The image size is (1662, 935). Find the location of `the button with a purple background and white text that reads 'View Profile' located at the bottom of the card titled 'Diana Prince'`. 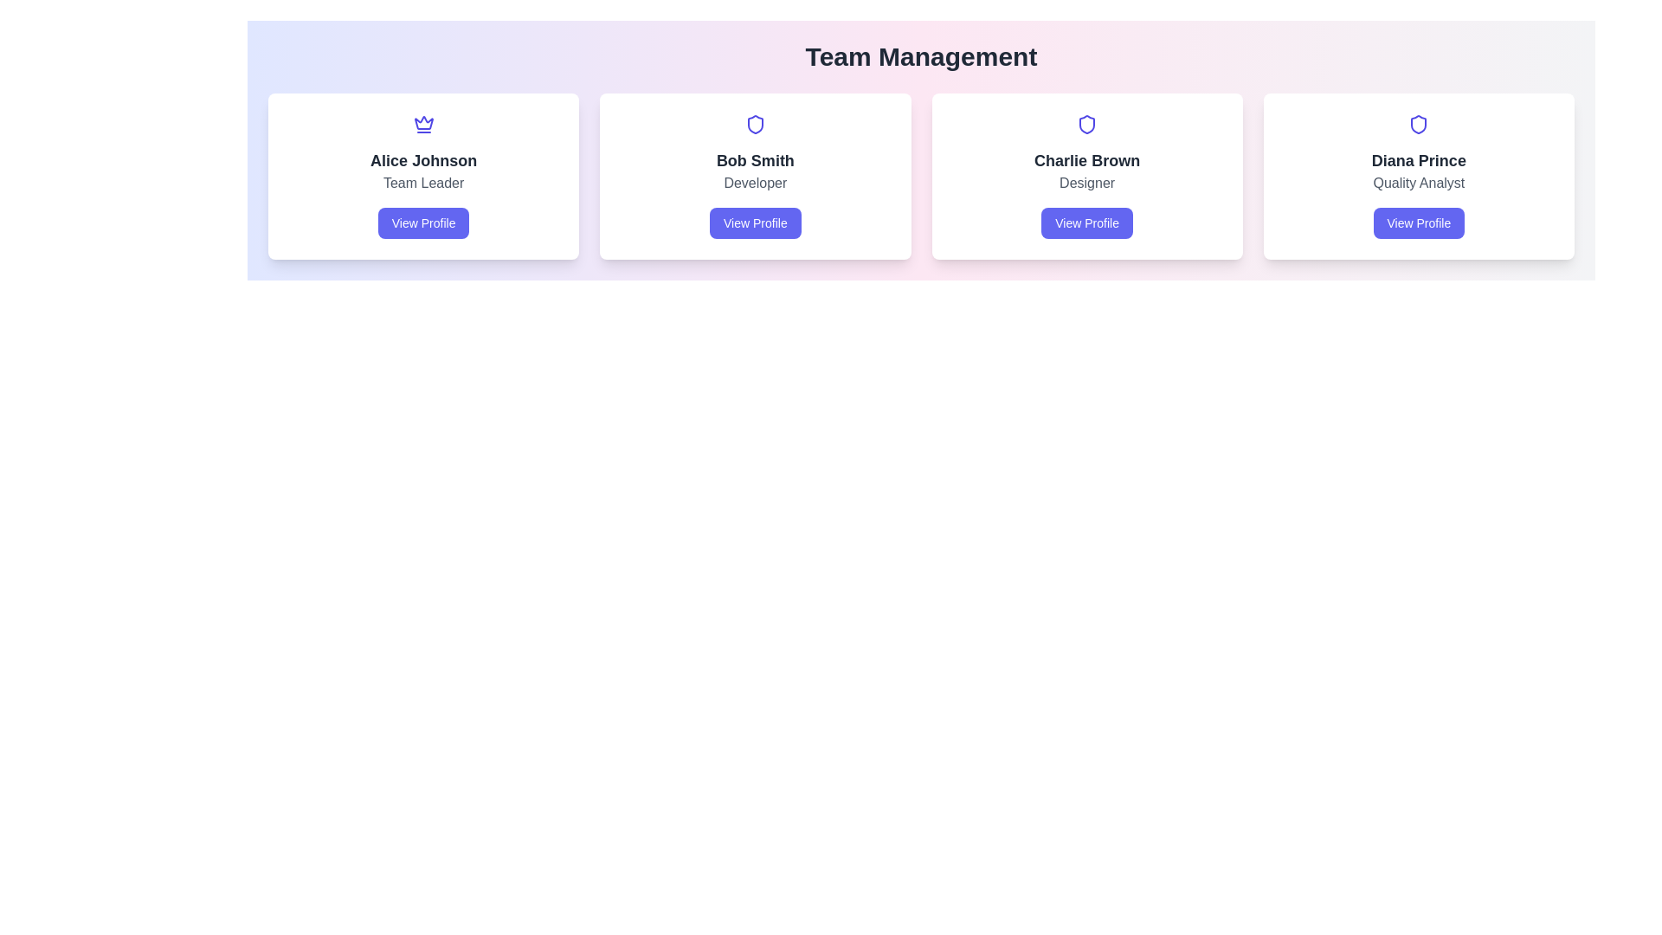

the button with a purple background and white text that reads 'View Profile' located at the bottom of the card titled 'Diana Prince' is located at coordinates (1419, 222).